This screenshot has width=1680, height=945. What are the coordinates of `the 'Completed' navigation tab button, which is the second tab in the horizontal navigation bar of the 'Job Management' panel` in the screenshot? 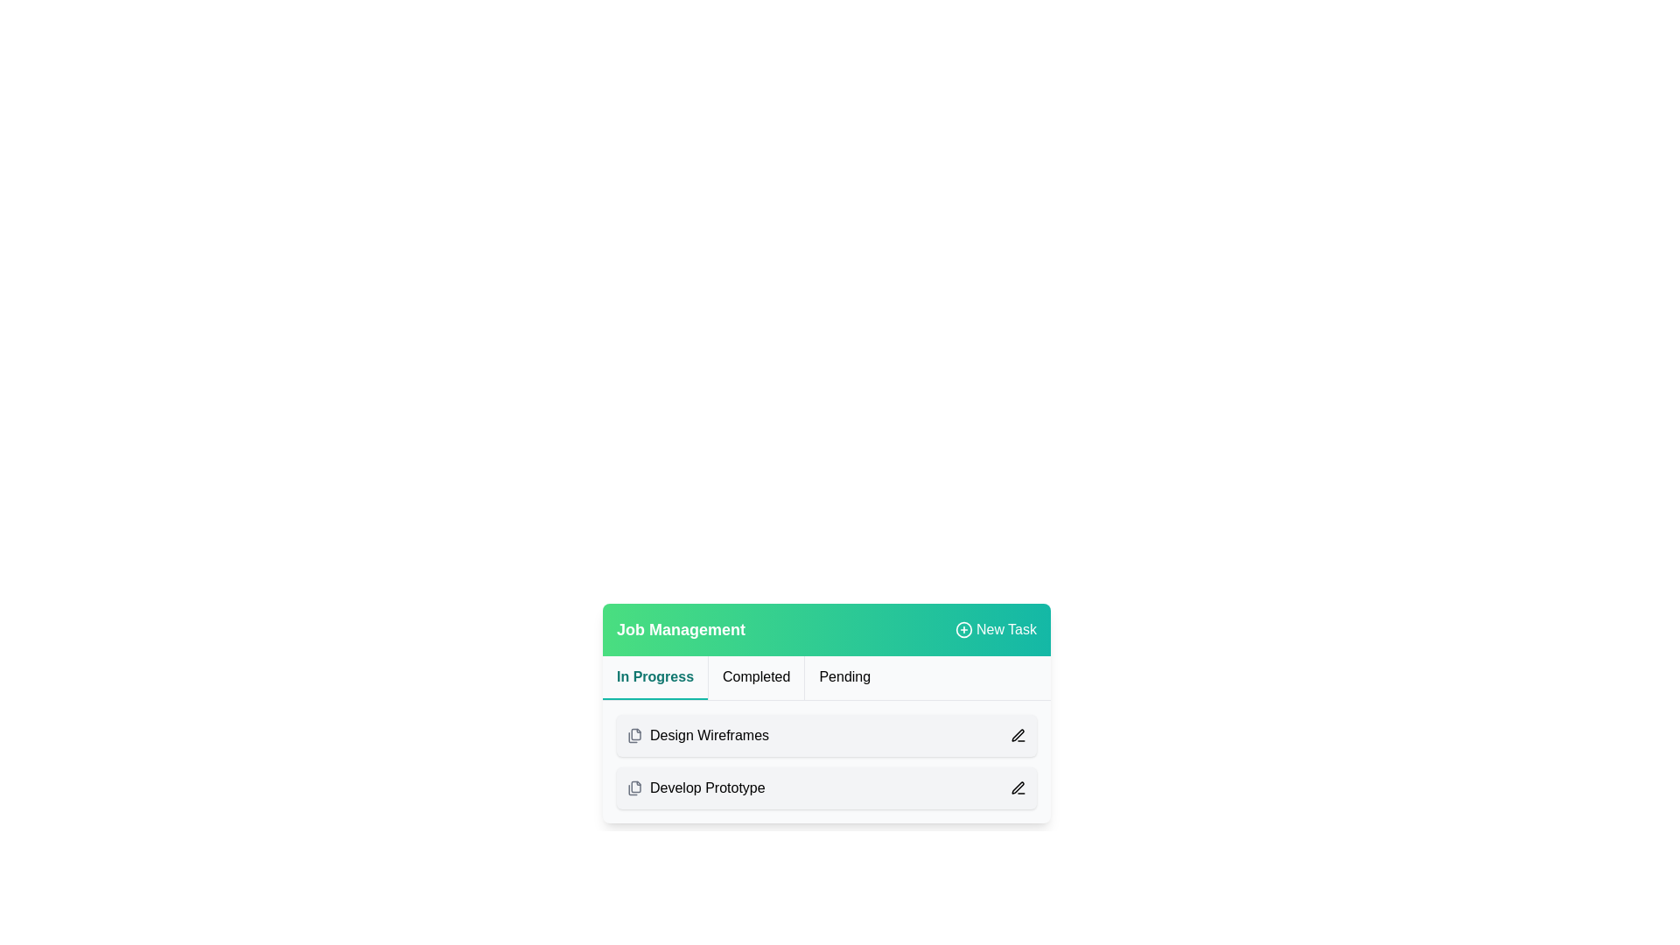 It's located at (756, 677).